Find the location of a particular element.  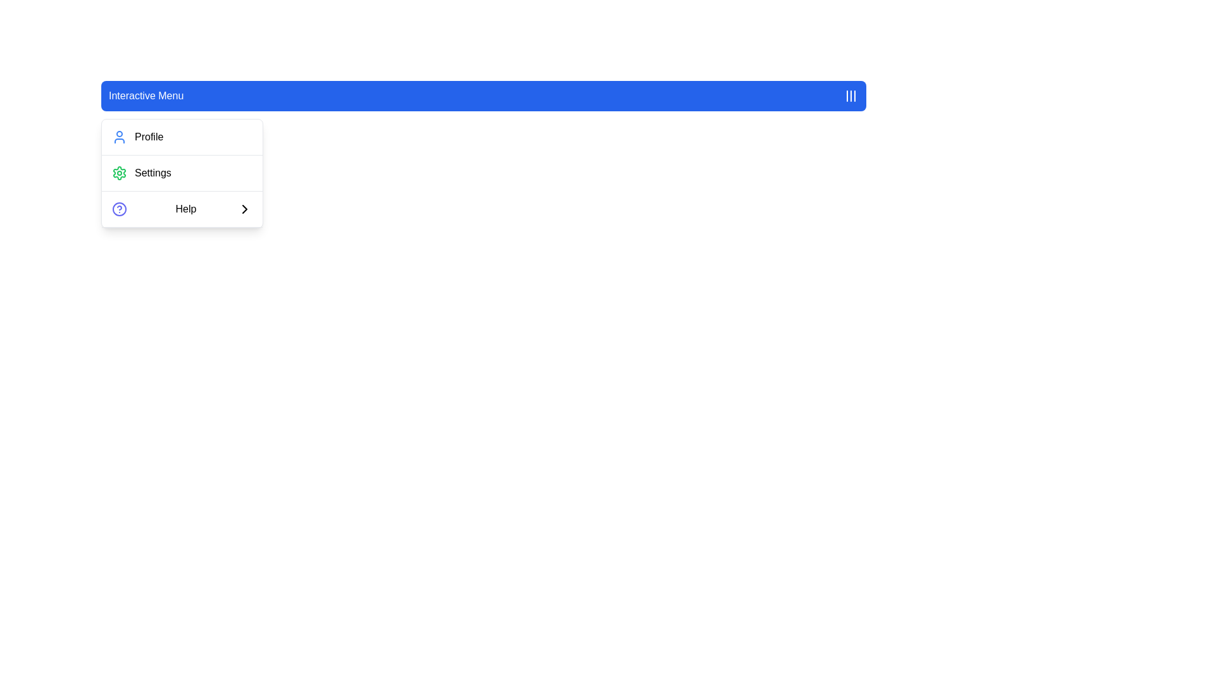

the settings icon located near the top left of the dropdown menu, adjacent to the label 'Settings', to interact with the settings option is located at coordinates (119, 173).